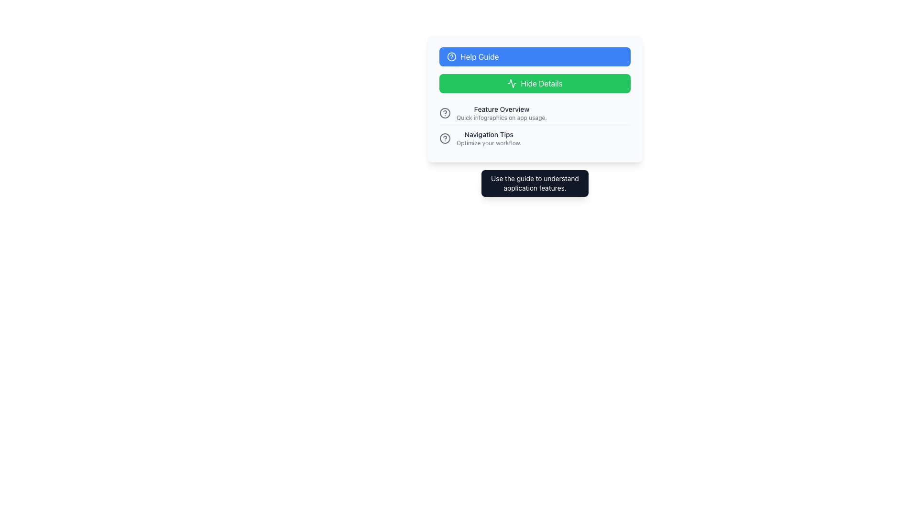 The image size is (918, 516). Describe the element at coordinates (501, 112) in the screenshot. I see `the informational text block that displays 'Feature Overview' in bold black font and 'Quick infographics on app usage.' in smaller gray font, positioned centrally below the 'Hide Details' button` at that location.